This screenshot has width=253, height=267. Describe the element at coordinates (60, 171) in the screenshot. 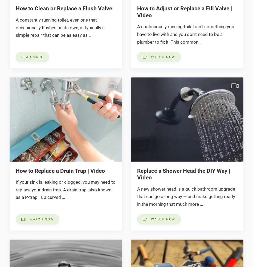

I see `'How to Replace a Drain Trap | Video'` at that location.